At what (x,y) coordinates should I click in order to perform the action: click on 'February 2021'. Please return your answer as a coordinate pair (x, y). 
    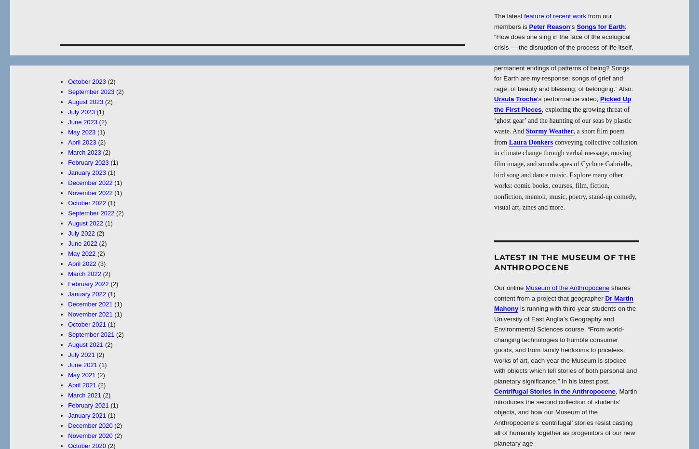
    Looking at the image, I should click on (87, 405).